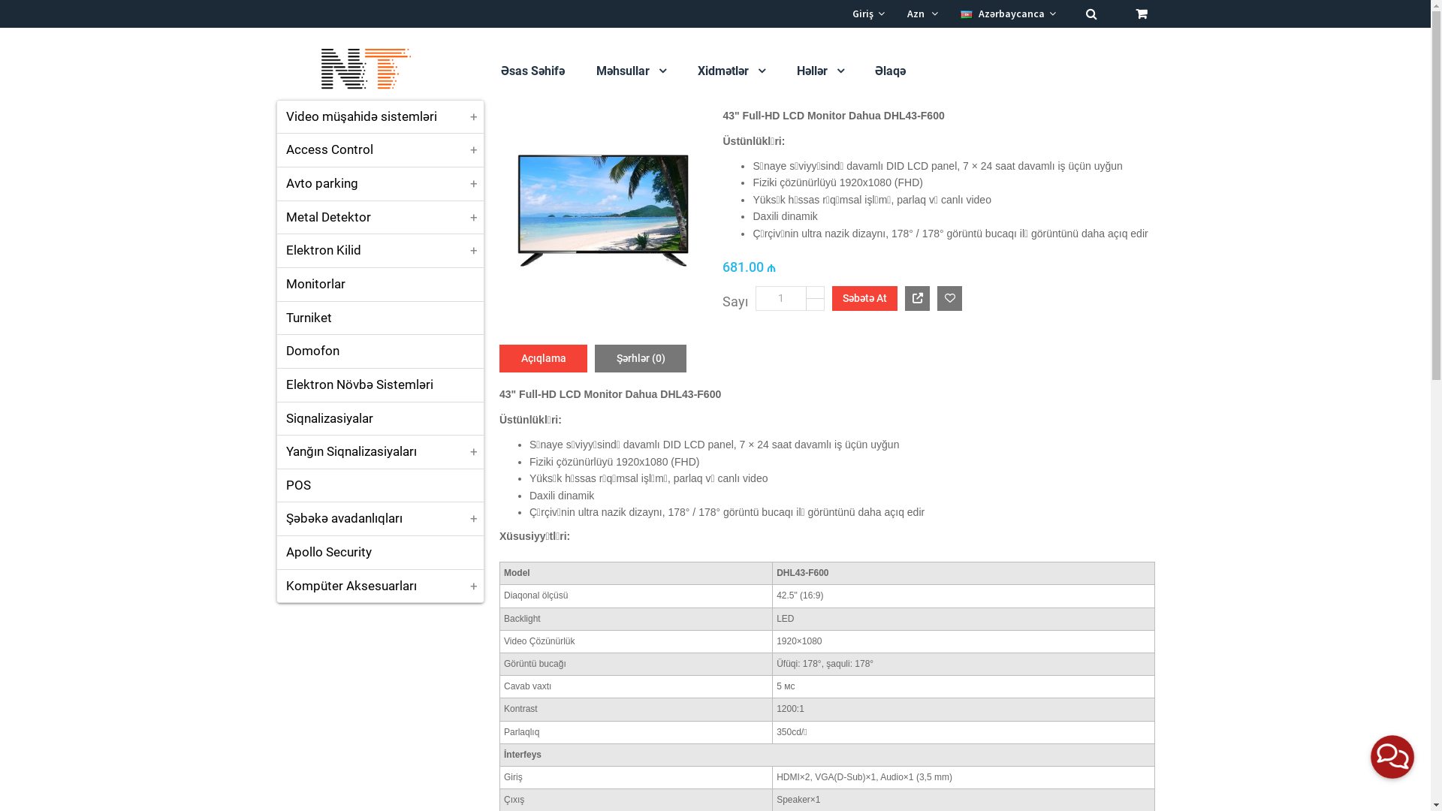 The width and height of the screenshot is (1442, 811). I want to click on 'Apollo Security', so click(379, 553).